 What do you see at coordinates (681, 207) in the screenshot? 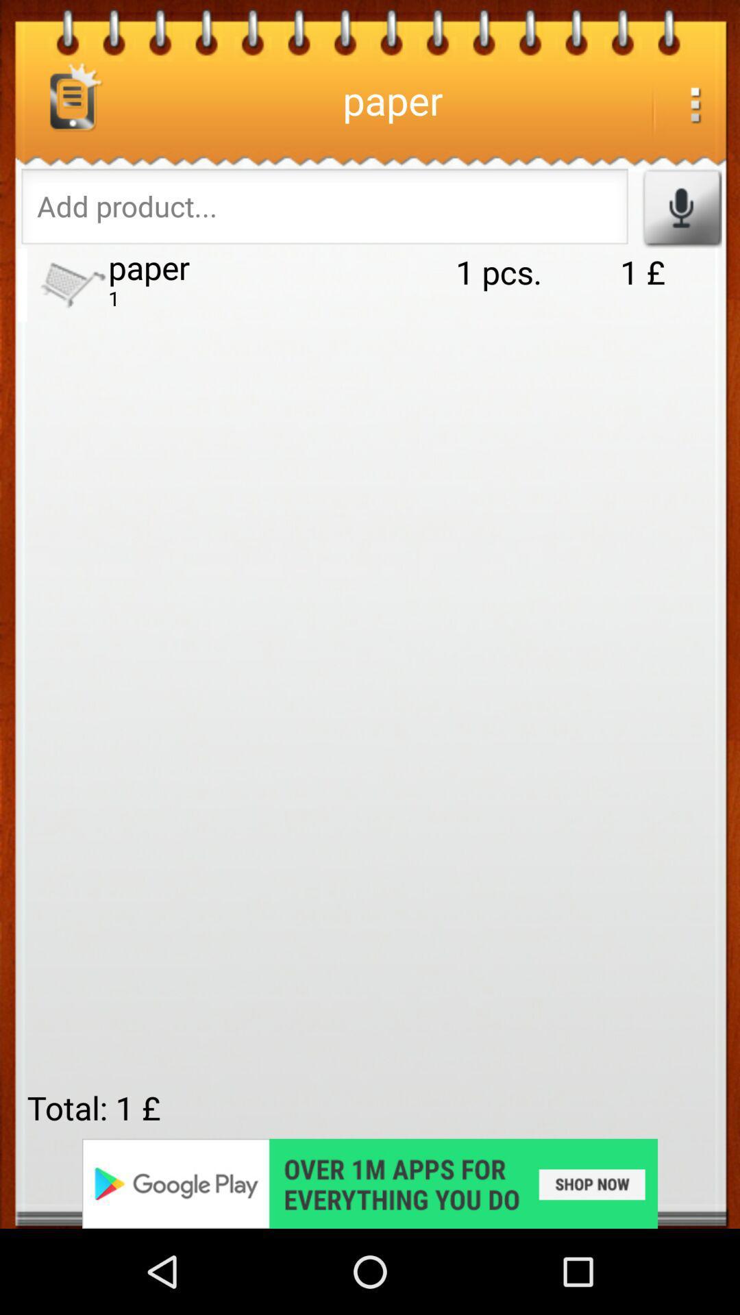
I see `record` at bounding box center [681, 207].